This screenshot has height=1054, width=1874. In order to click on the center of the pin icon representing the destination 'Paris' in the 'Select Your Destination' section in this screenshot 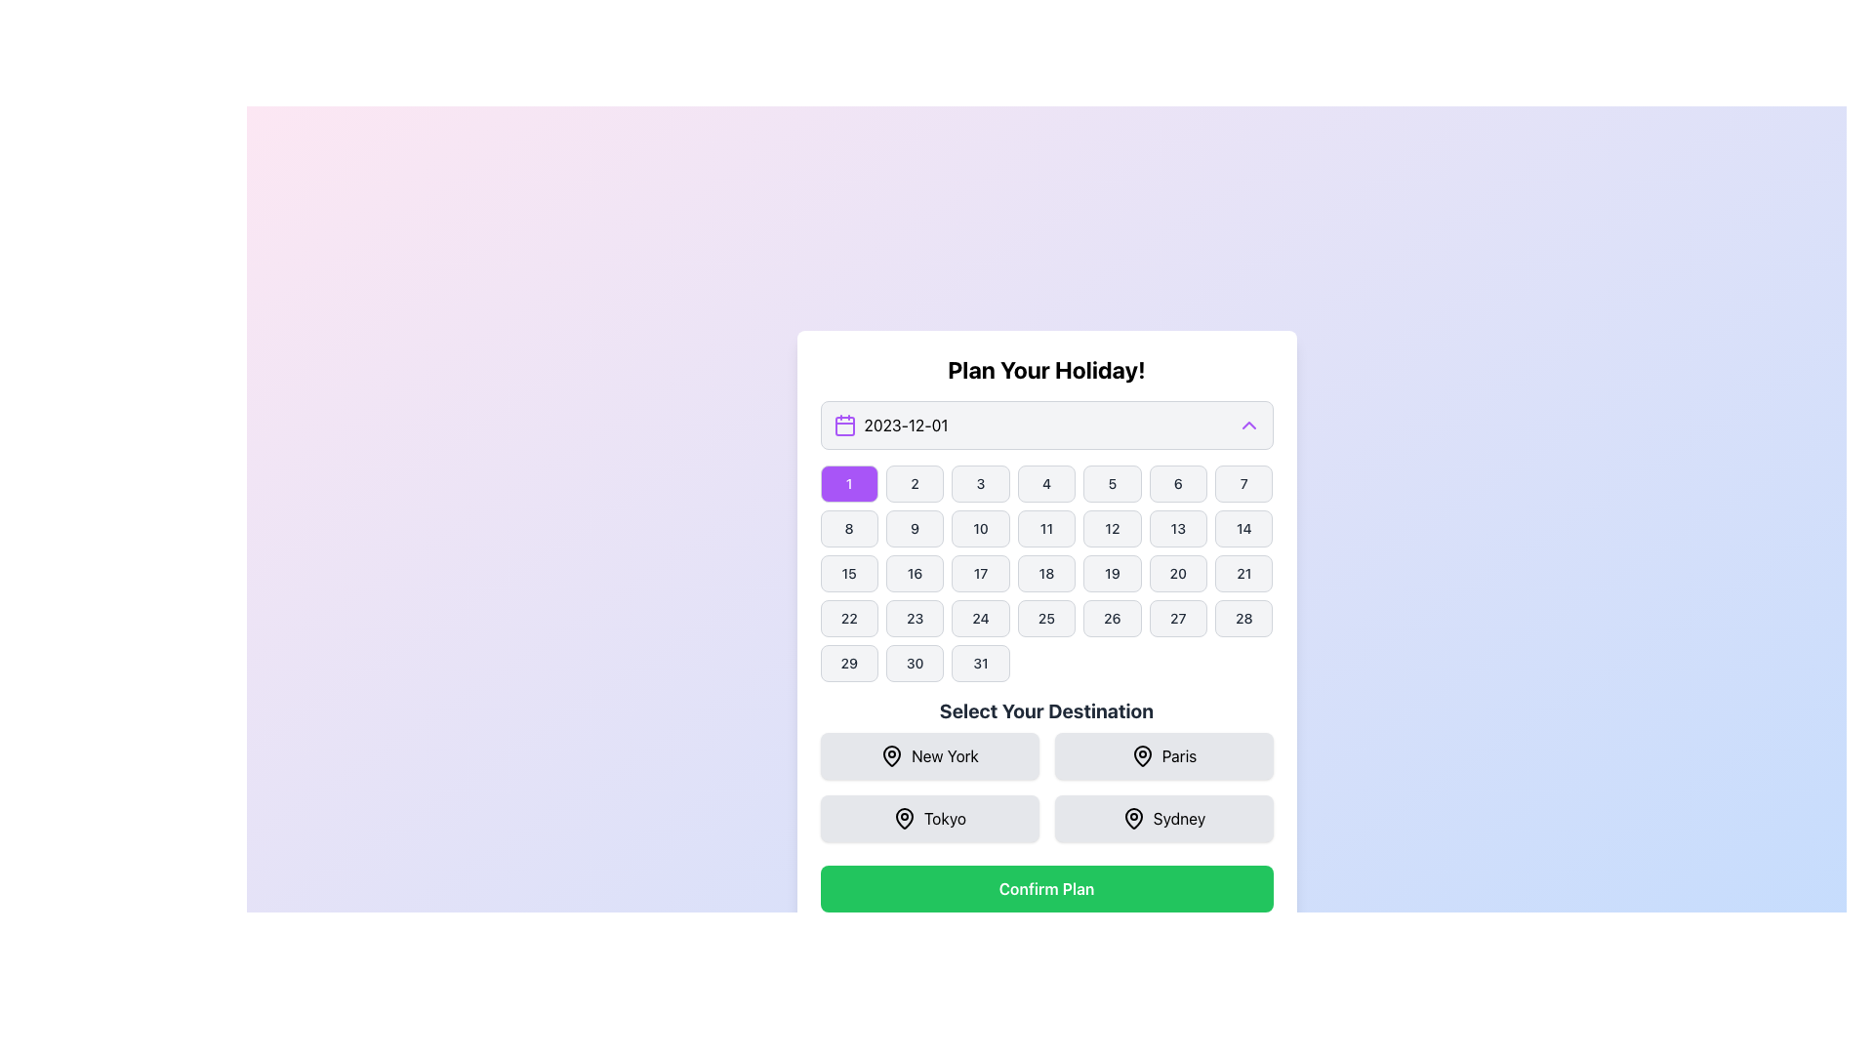, I will do `click(1142, 755)`.